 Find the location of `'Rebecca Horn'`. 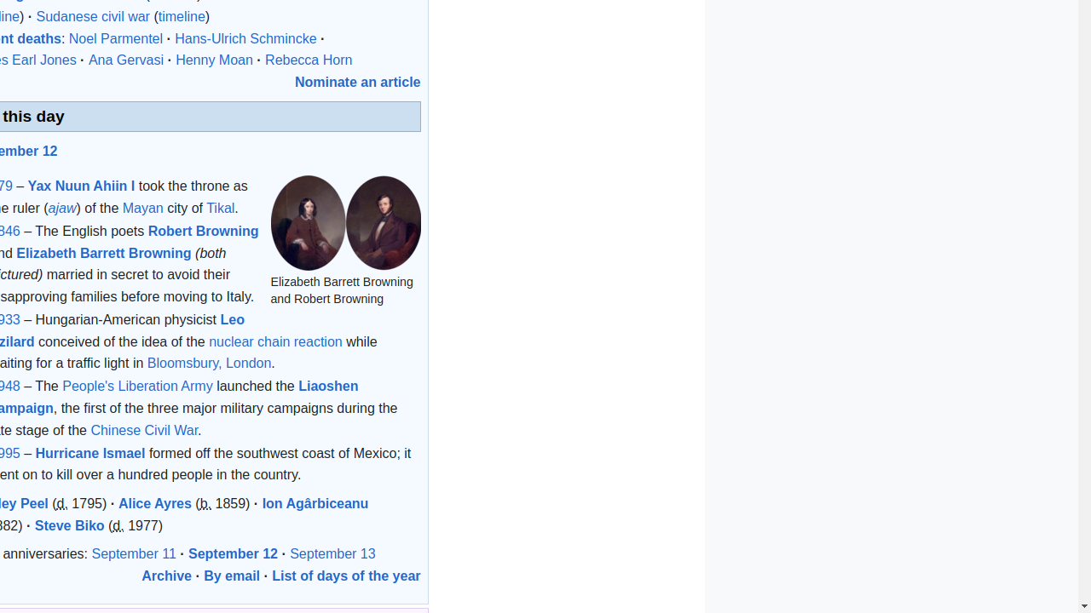

'Rebecca Horn' is located at coordinates (309, 59).